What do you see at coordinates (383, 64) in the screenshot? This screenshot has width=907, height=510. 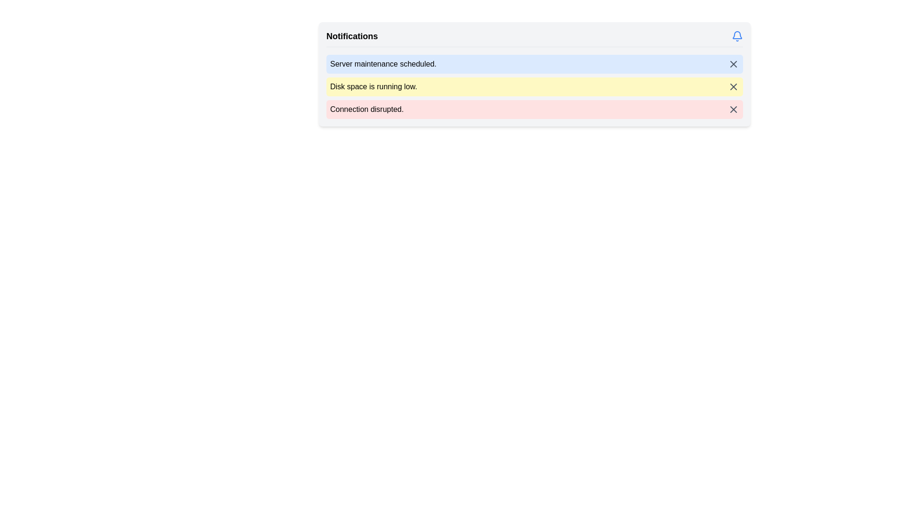 I see `the text label displaying 'Server maintenance scheduled.' which is located at the top of the notifications box with a blue background` at bounding box center [383, 64].